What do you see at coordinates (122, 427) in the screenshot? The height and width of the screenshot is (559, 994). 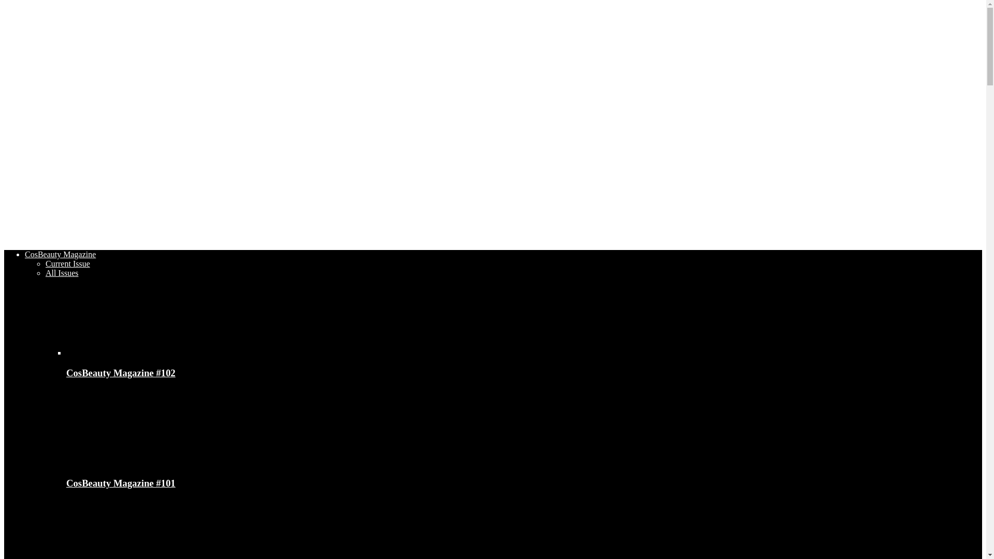 I see `'CosBeauty Magazine #101'` at bounding box center [122, 427].